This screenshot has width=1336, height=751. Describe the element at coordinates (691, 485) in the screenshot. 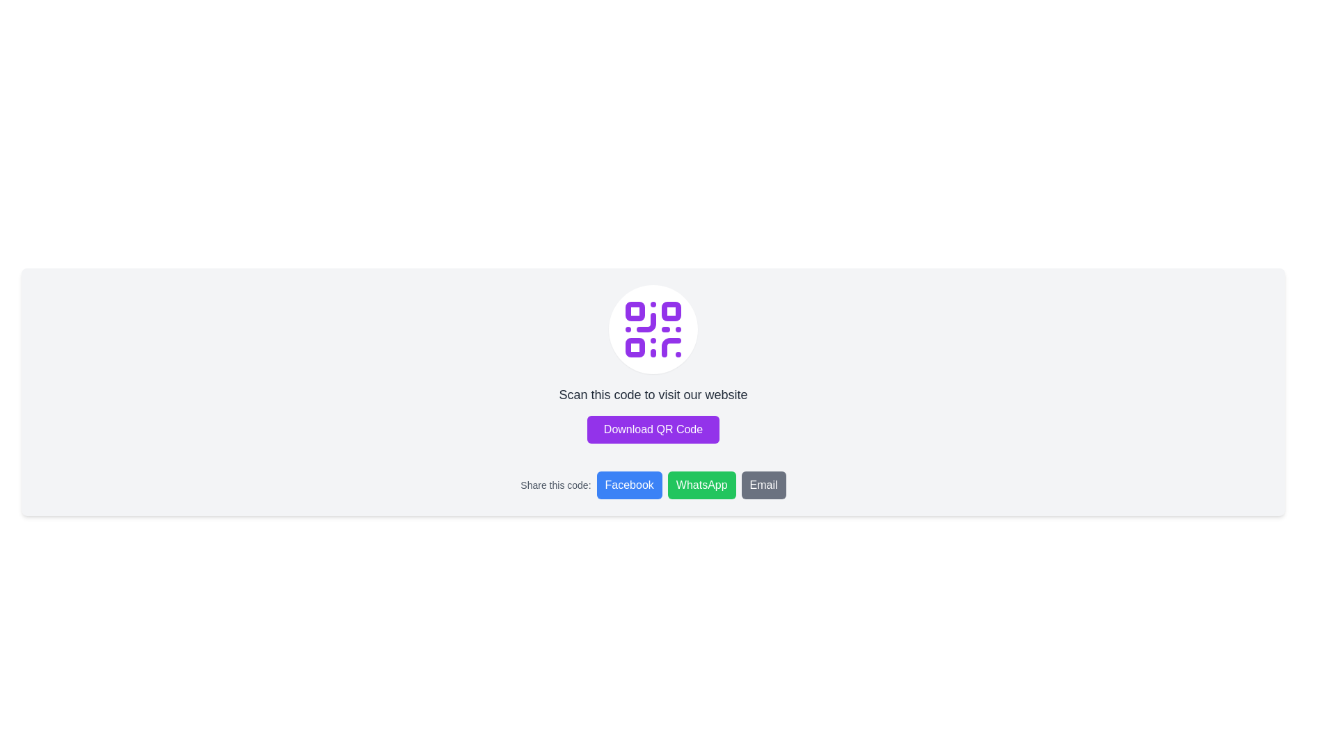

I see `the WhatsApp button in the horizontal button group located below the 'Share this code:' label to share the information on WhatsApp` at that location.